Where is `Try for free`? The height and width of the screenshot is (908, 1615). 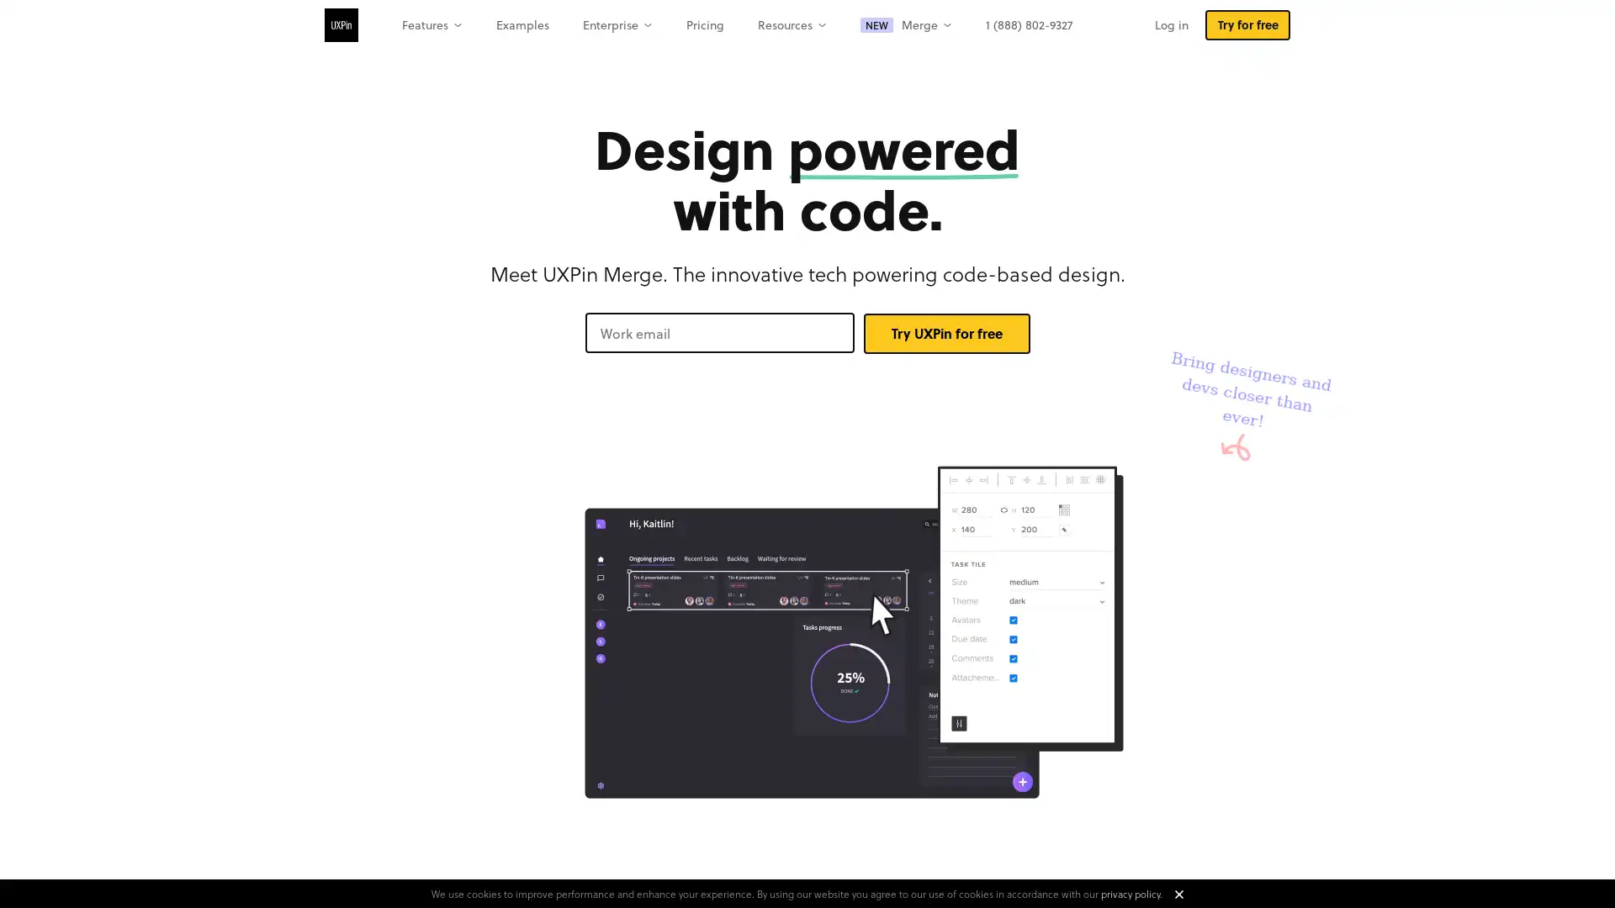 Try for free is located at coordinates (1247, 25).